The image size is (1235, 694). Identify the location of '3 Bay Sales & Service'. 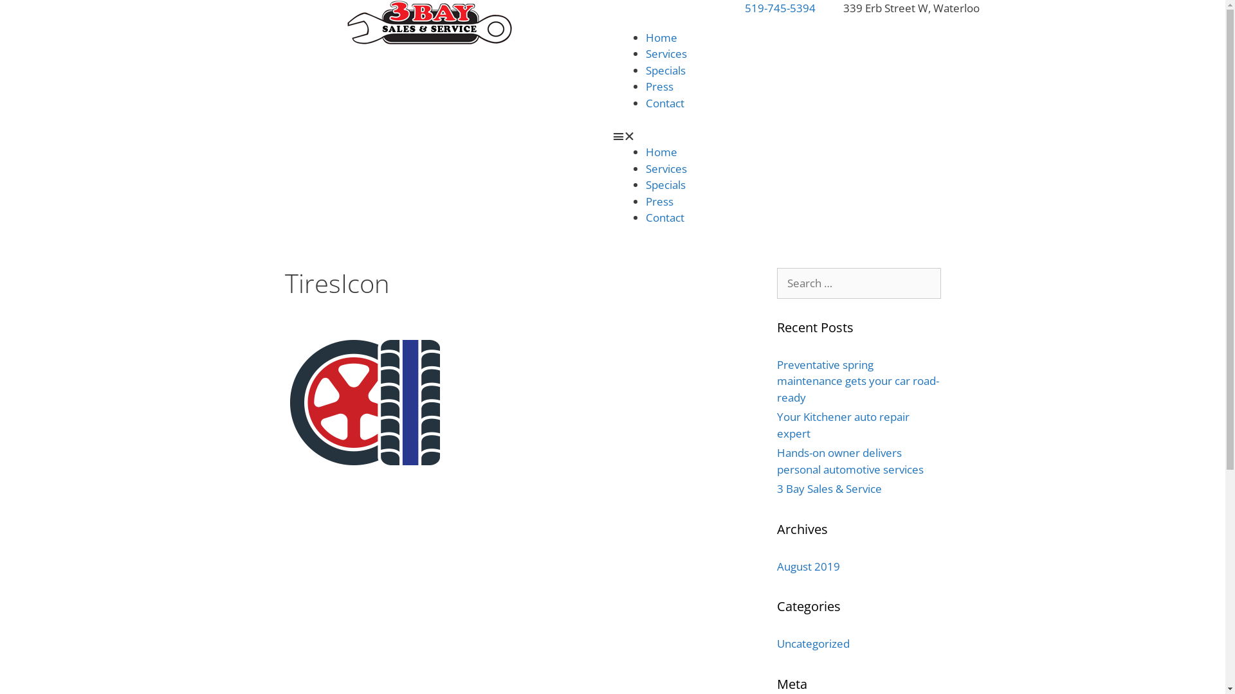
(829, 488).